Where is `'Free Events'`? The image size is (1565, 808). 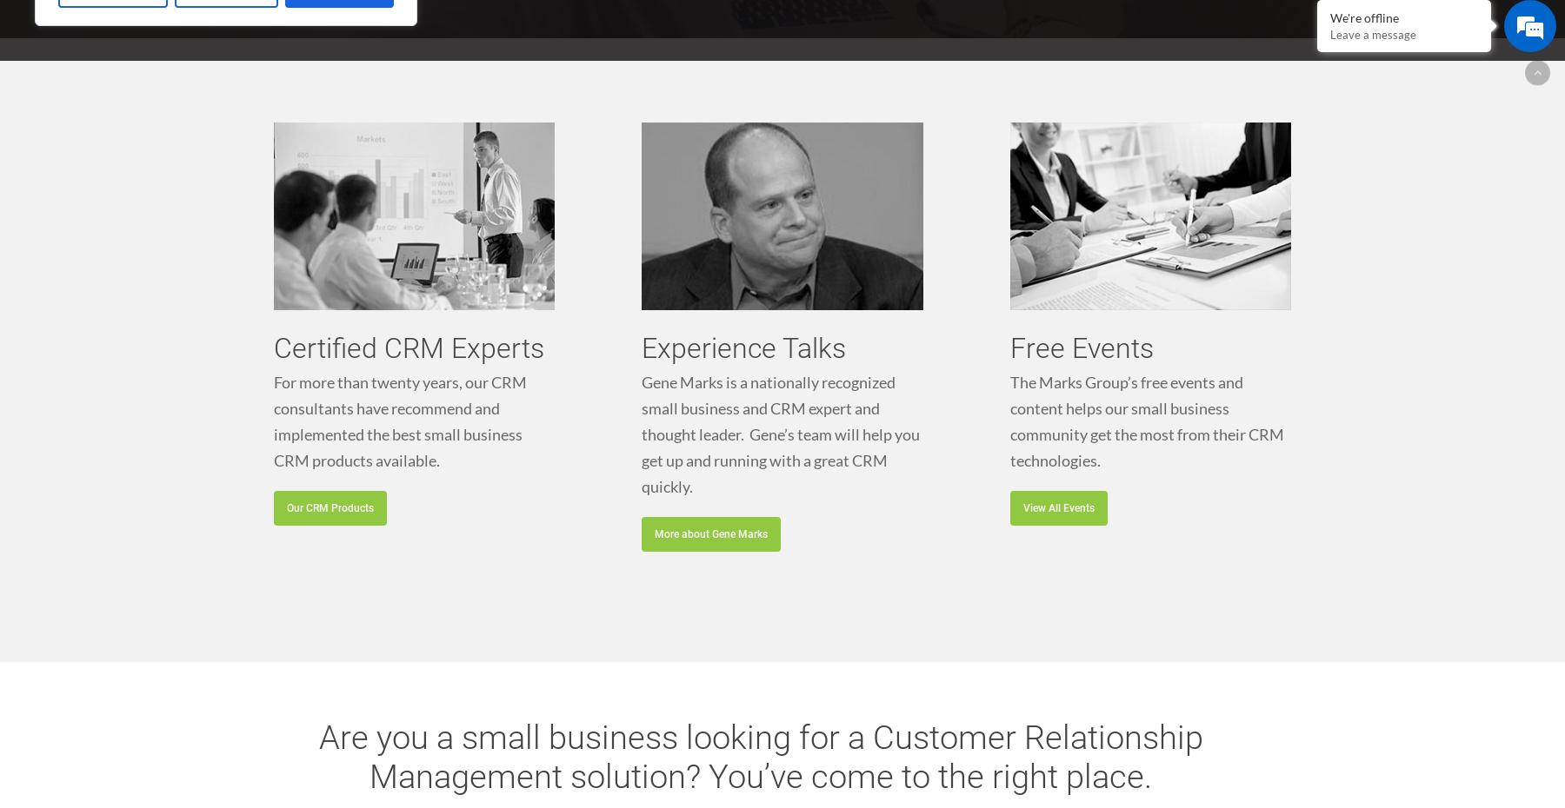
'Free Events' is located at coordinates (1081, 347).